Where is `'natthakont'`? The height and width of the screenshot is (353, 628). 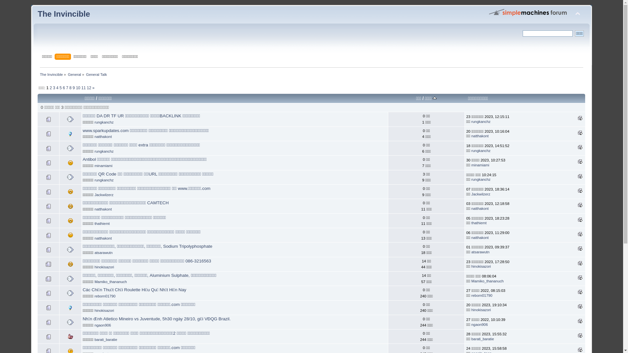 'natthakont' is located at coordinates (103, 136).